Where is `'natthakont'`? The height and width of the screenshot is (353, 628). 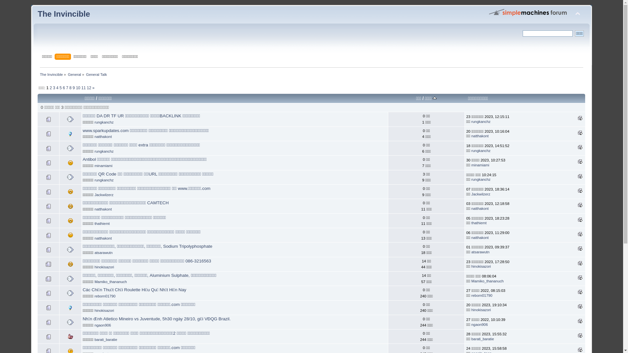 'natthakont' is located at coordinates (103, 136).